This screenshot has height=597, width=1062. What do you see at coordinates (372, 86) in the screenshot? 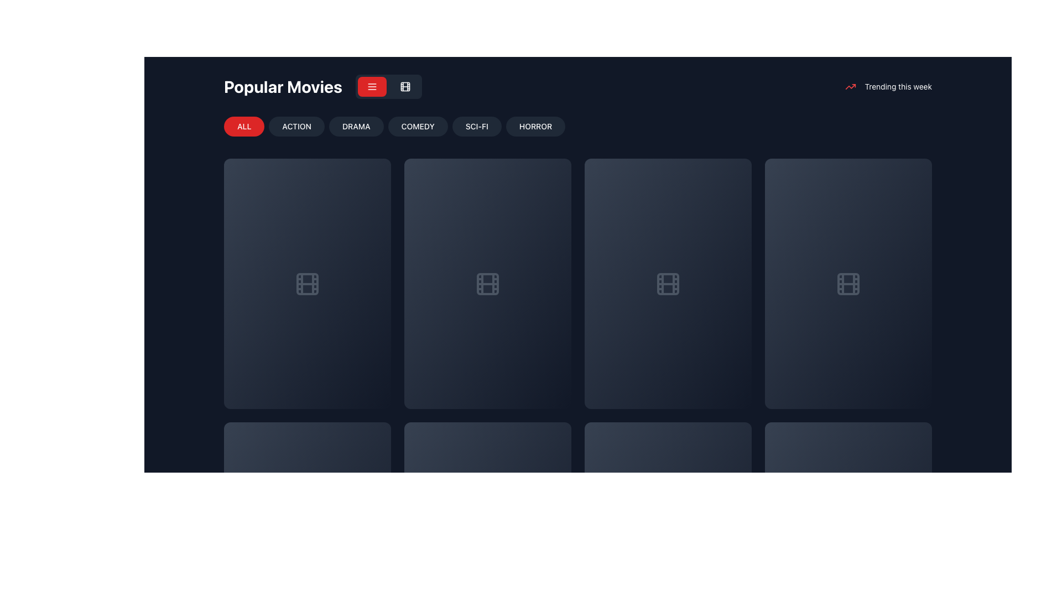
I see `the three-line menu icon within the rounded red button located at the upper right of the interface, next to the 'Popular Movies' title` at bounding box center [372, 86].